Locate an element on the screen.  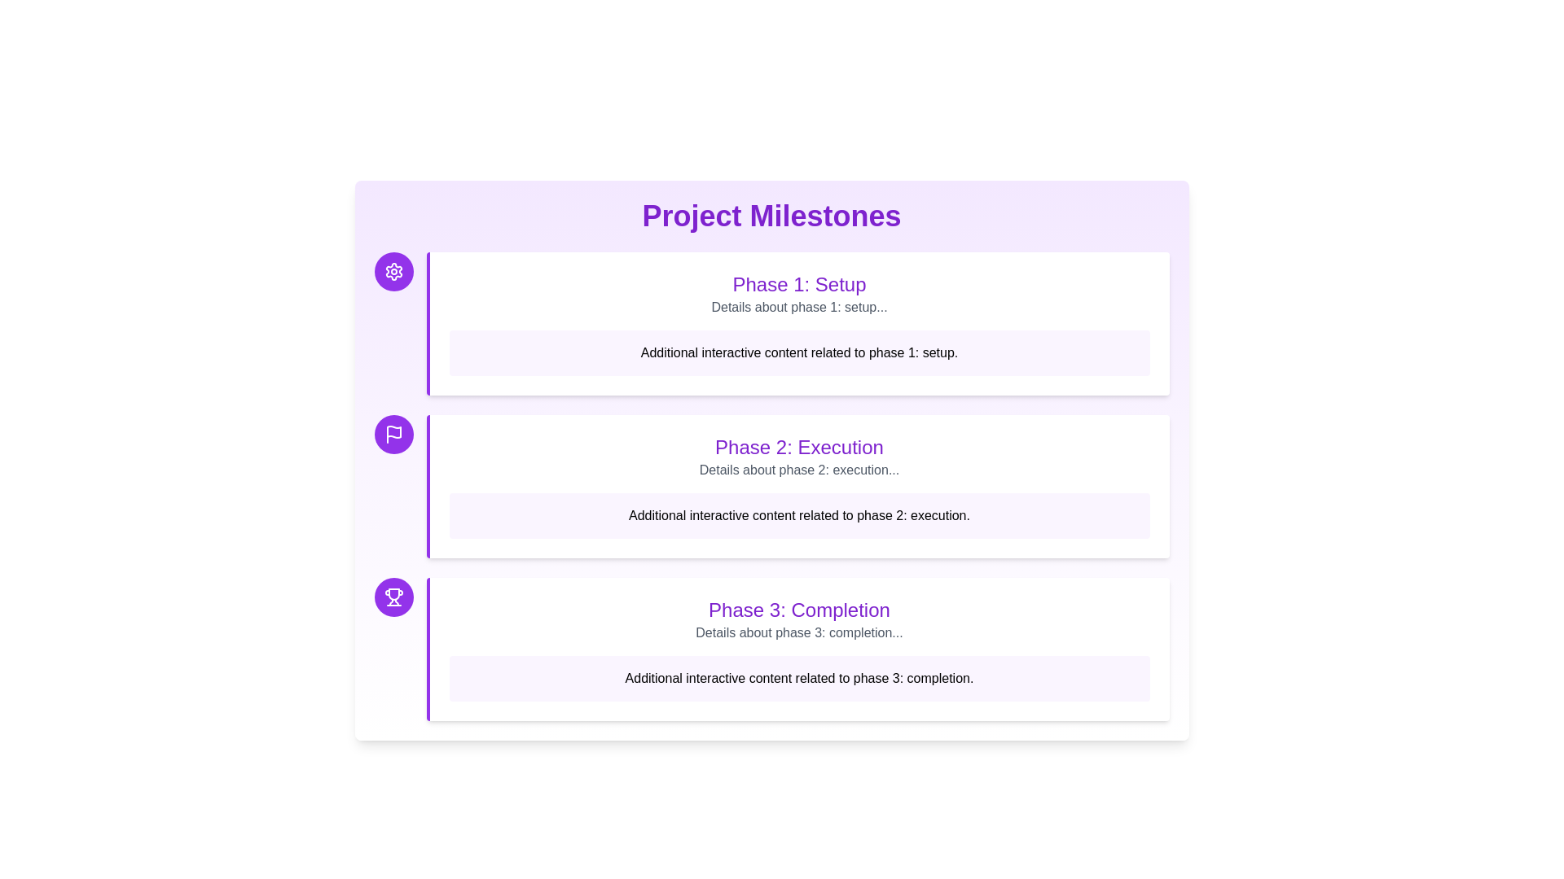
the text label that provides additional context about 'Phase 3: Completion', which is located beneath the title and above interactive content is located at coordinates (799, 632).